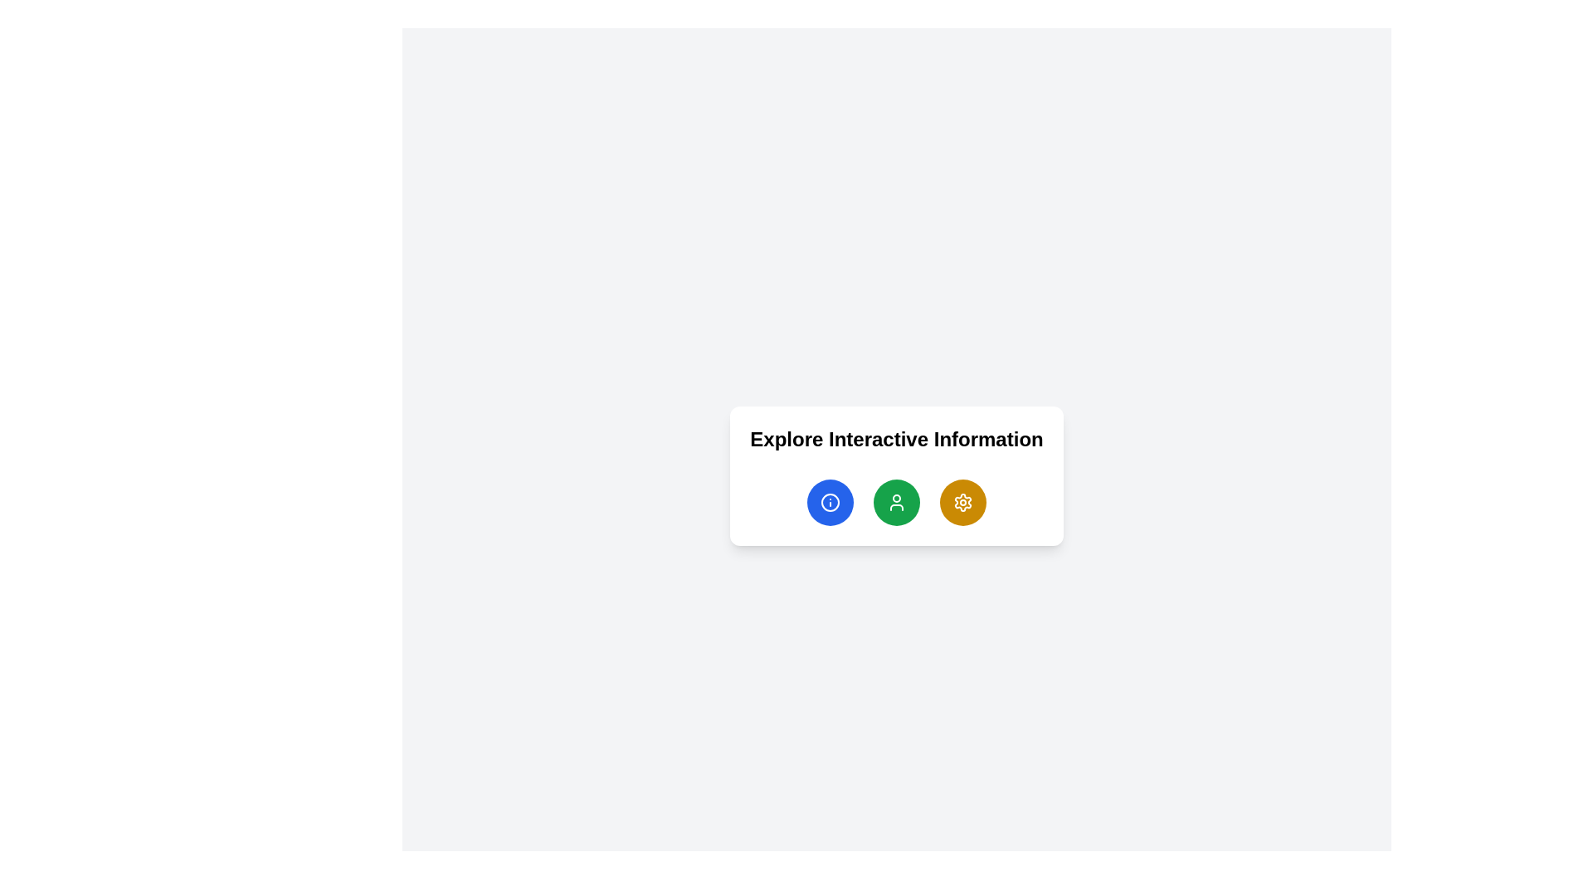  Describe the element at coordinates (830, 501) in the screenshot. I see `the left-most circular icon in the set of three icons positioned below the text 'Explore Interactive Information'` at that location.